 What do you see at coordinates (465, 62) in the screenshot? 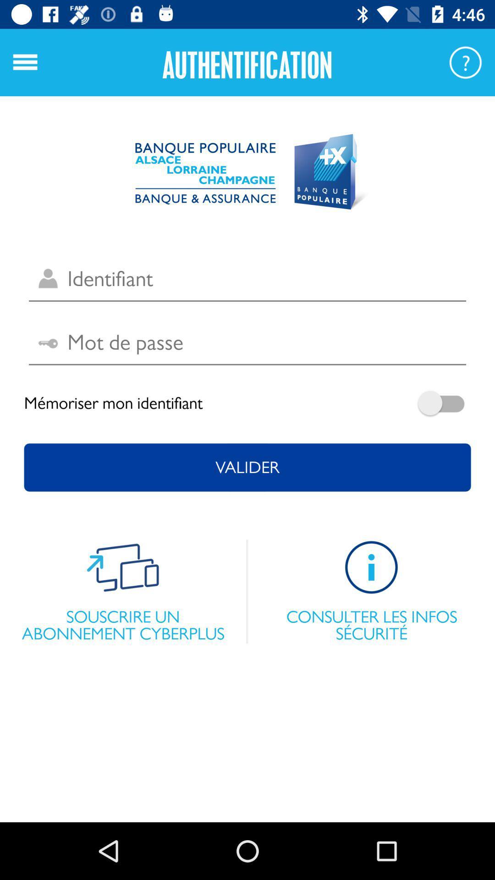
I see `help page` at bounding box center [465, 62].